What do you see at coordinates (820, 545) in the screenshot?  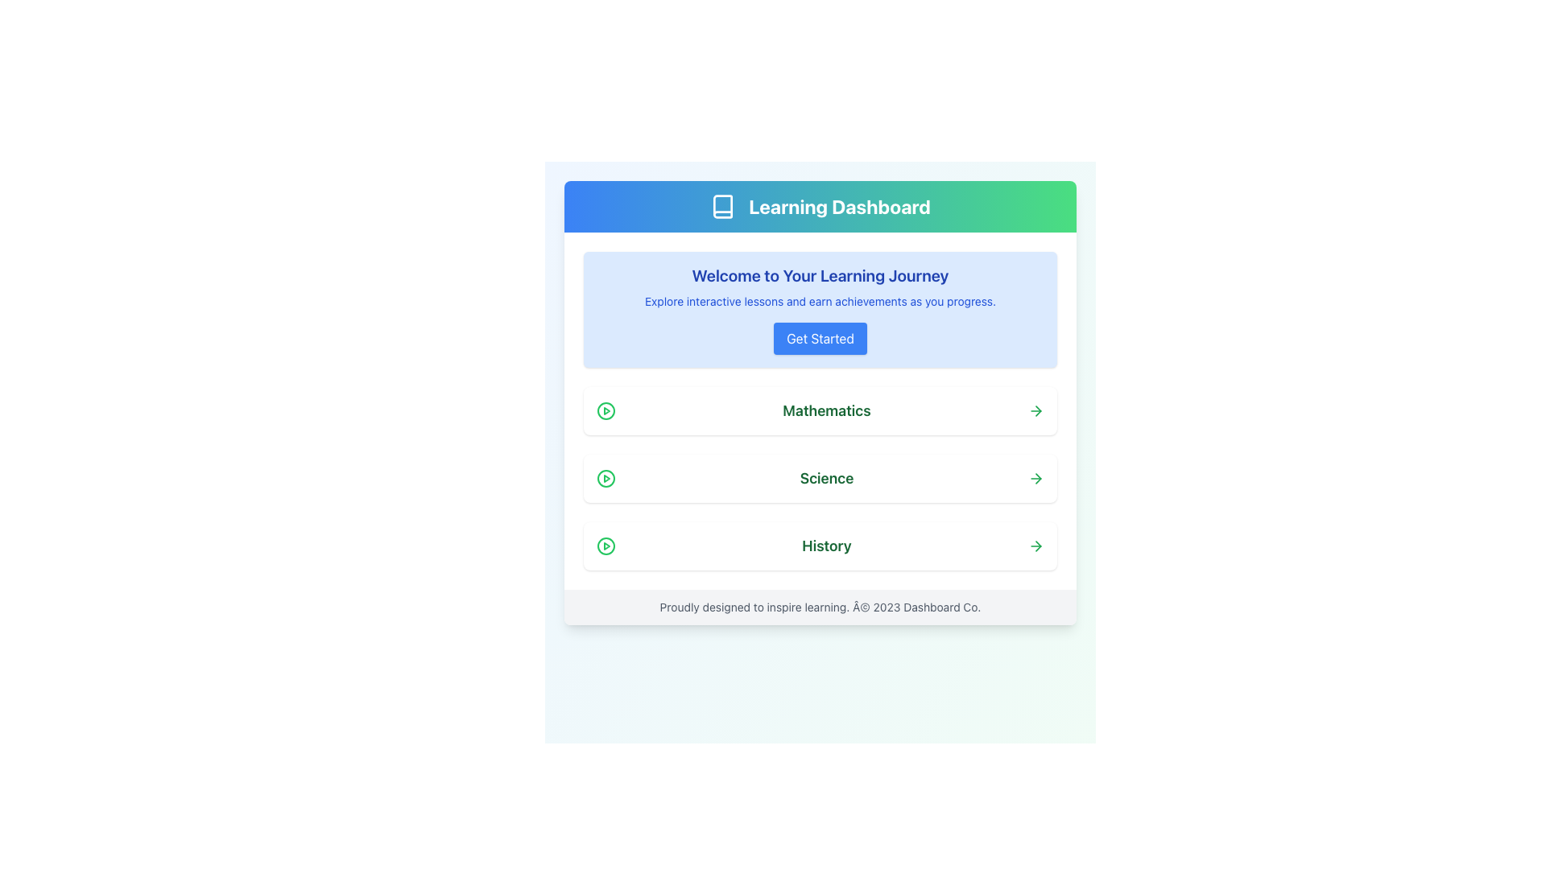 I see `the 'History' navigation button located below the 'Mathematics' and 'Science' buttons in the 'Welcome to Your Learning Journey' section` at bounding box center [820, 545].